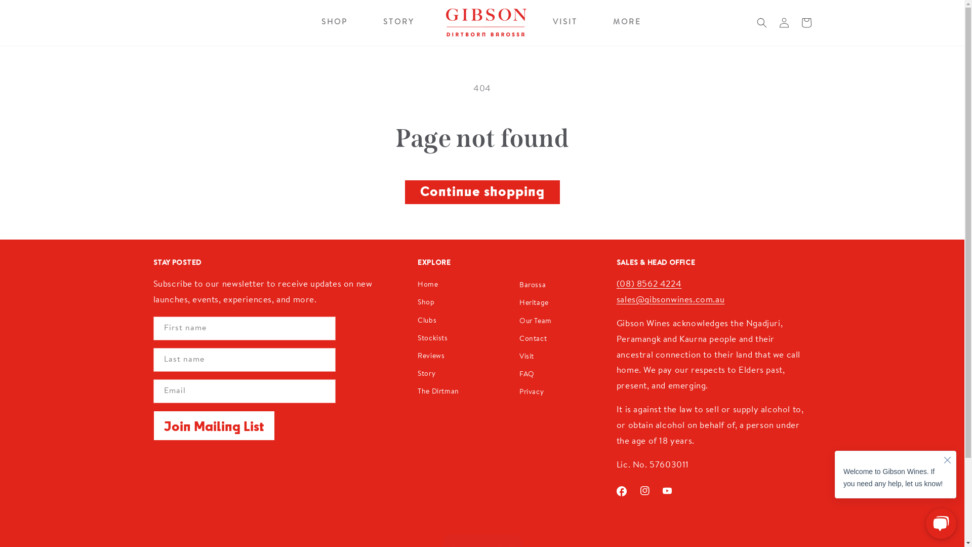  What do you see at coordinates (213, 425) in the screenshot?
I see `'Join Mailing List'` at bounding box center [213, 425].